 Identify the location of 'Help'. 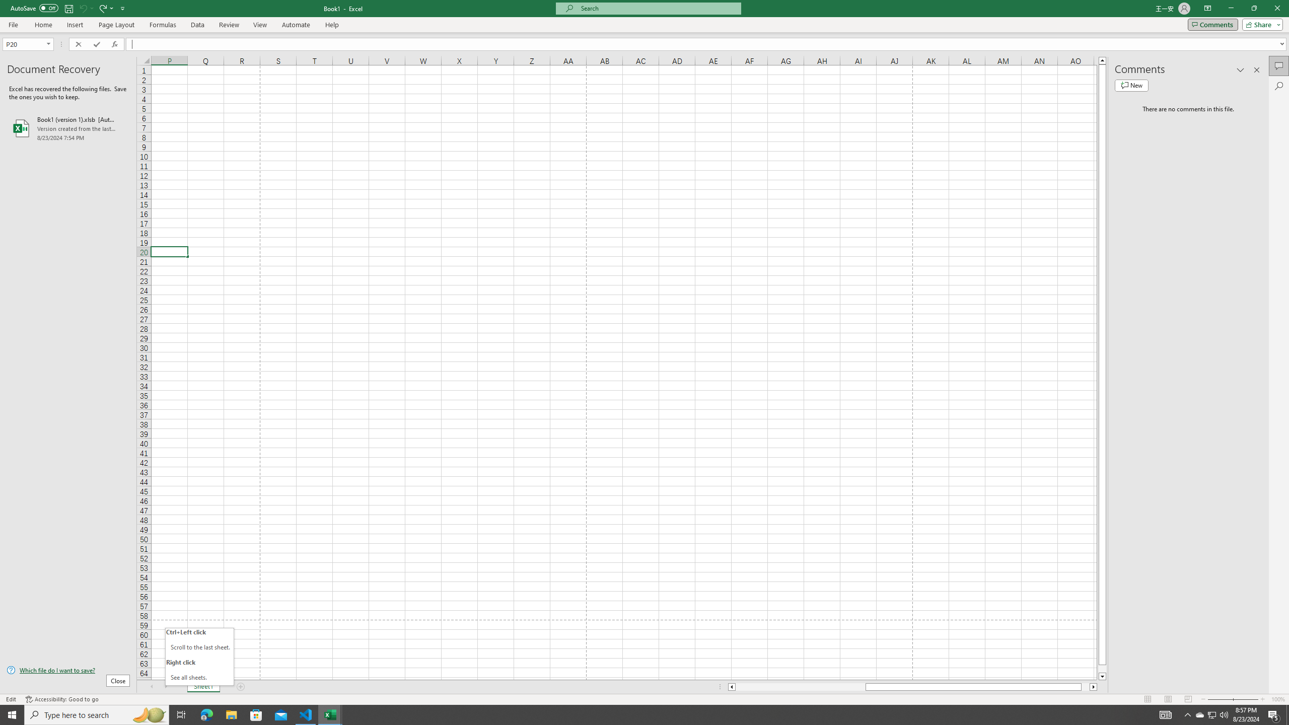
(332, 25).